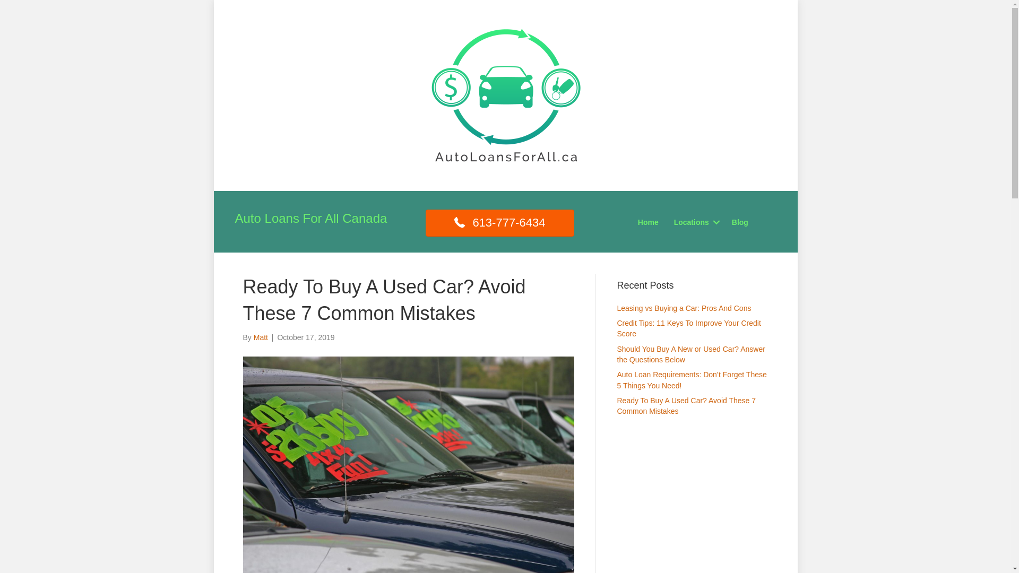  What do you see at coordinates (504, 95) in the screenshot?
I see `'Auto Loans for all canada square'` at bounding box center [504, 95].